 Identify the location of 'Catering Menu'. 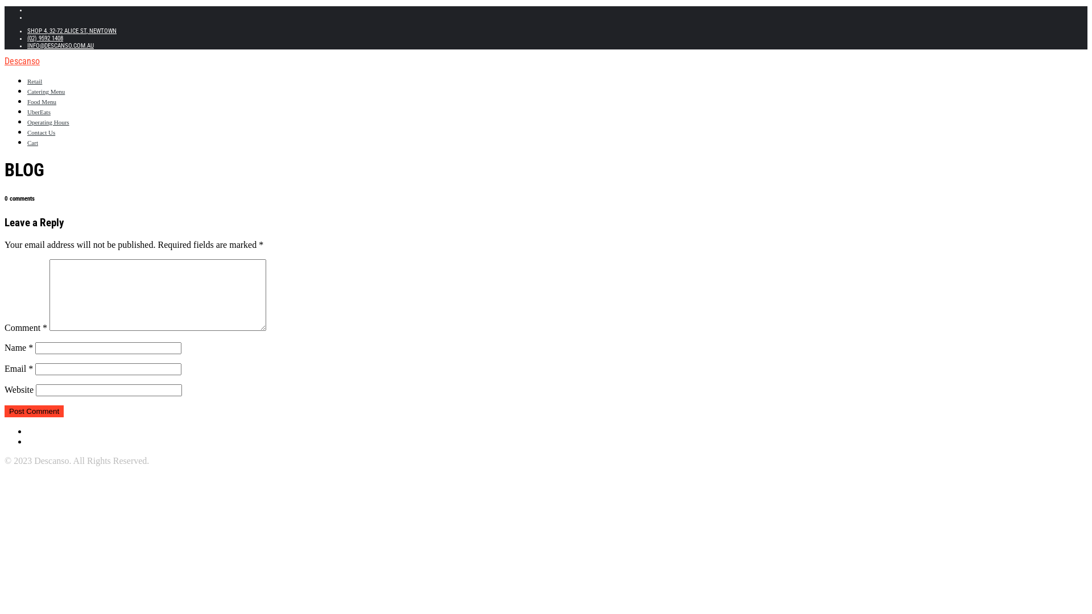
(27, 91).